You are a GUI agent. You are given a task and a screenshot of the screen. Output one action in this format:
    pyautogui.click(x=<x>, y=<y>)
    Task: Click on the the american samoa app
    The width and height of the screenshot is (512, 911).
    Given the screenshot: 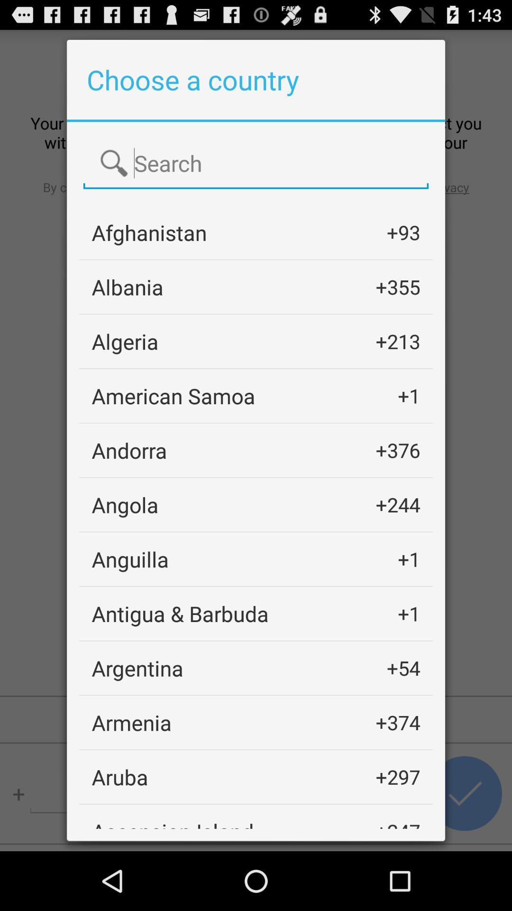 What is the action you would take?
    pyautogui.click(x=174, y=396)
    